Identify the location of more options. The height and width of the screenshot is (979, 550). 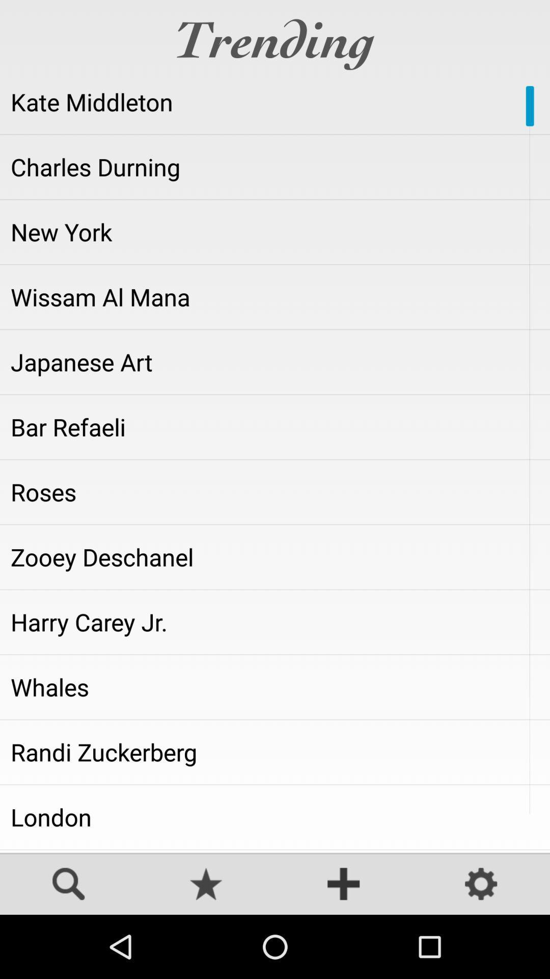
(344, 885).